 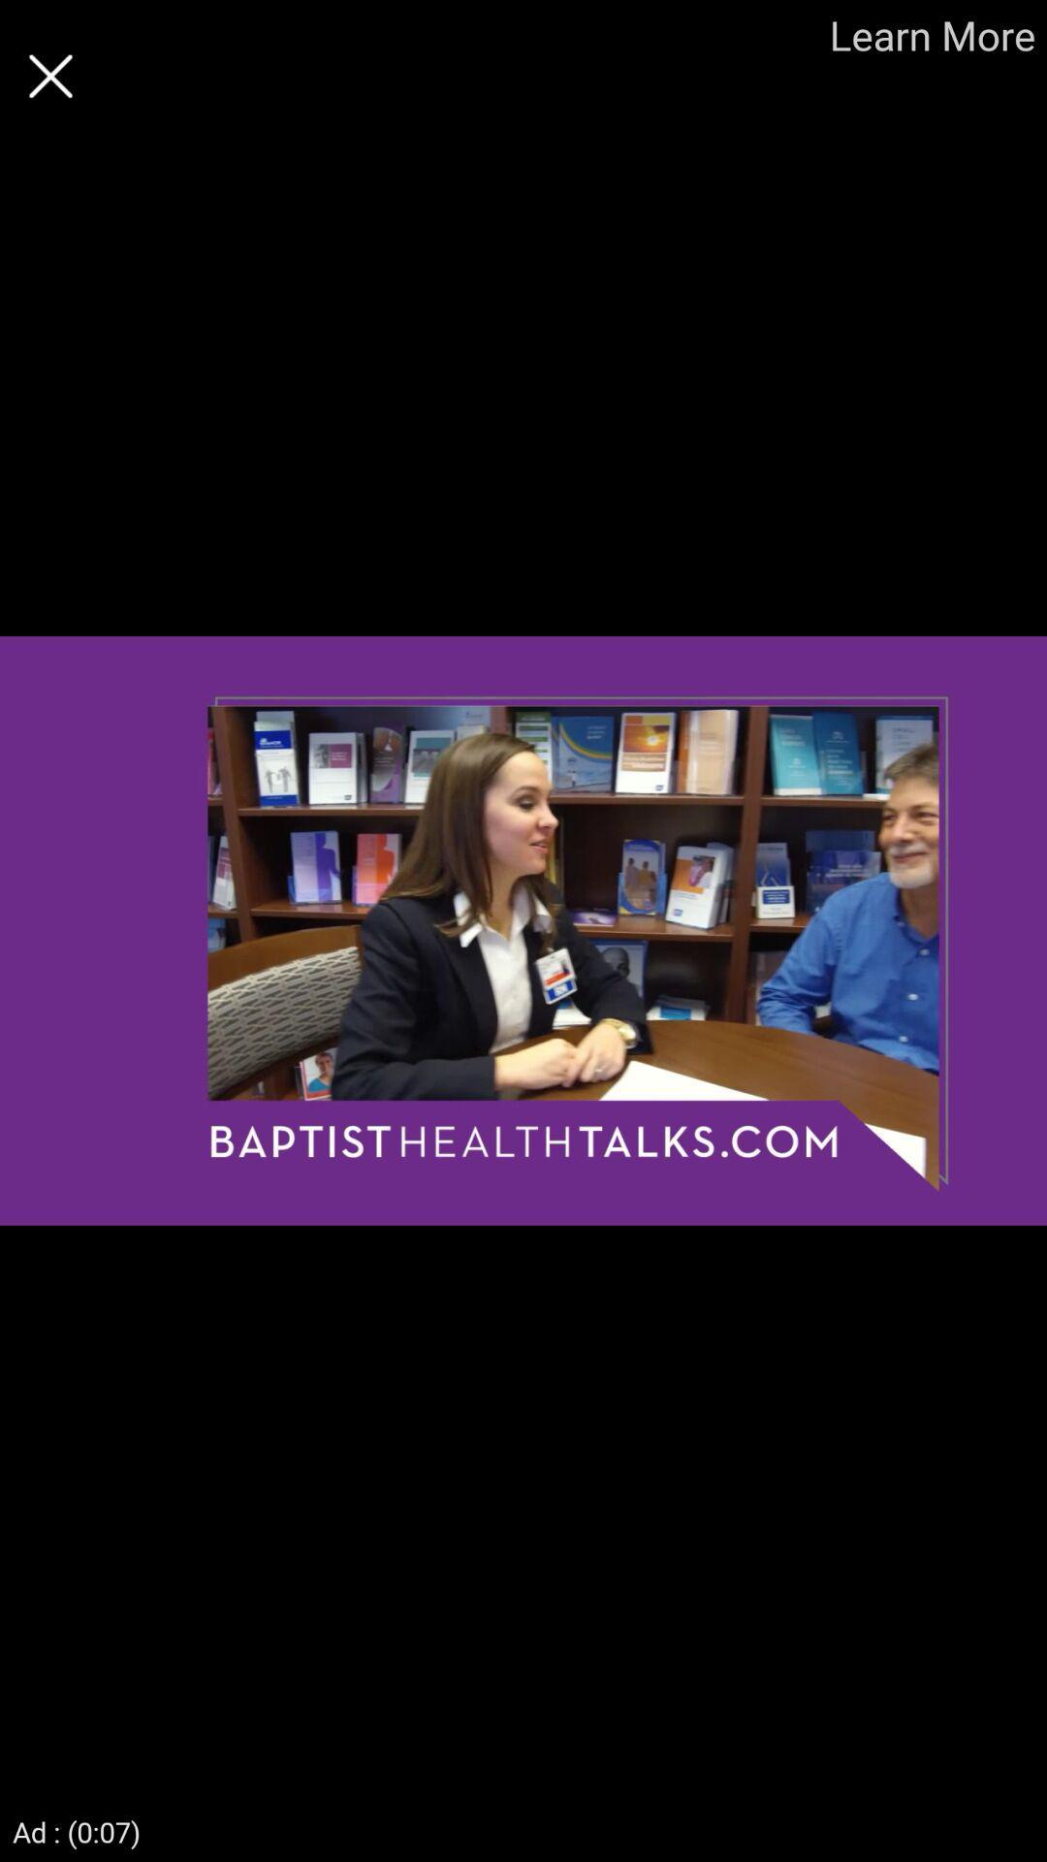 I want to click on close tab, so click(x=49, y=76).